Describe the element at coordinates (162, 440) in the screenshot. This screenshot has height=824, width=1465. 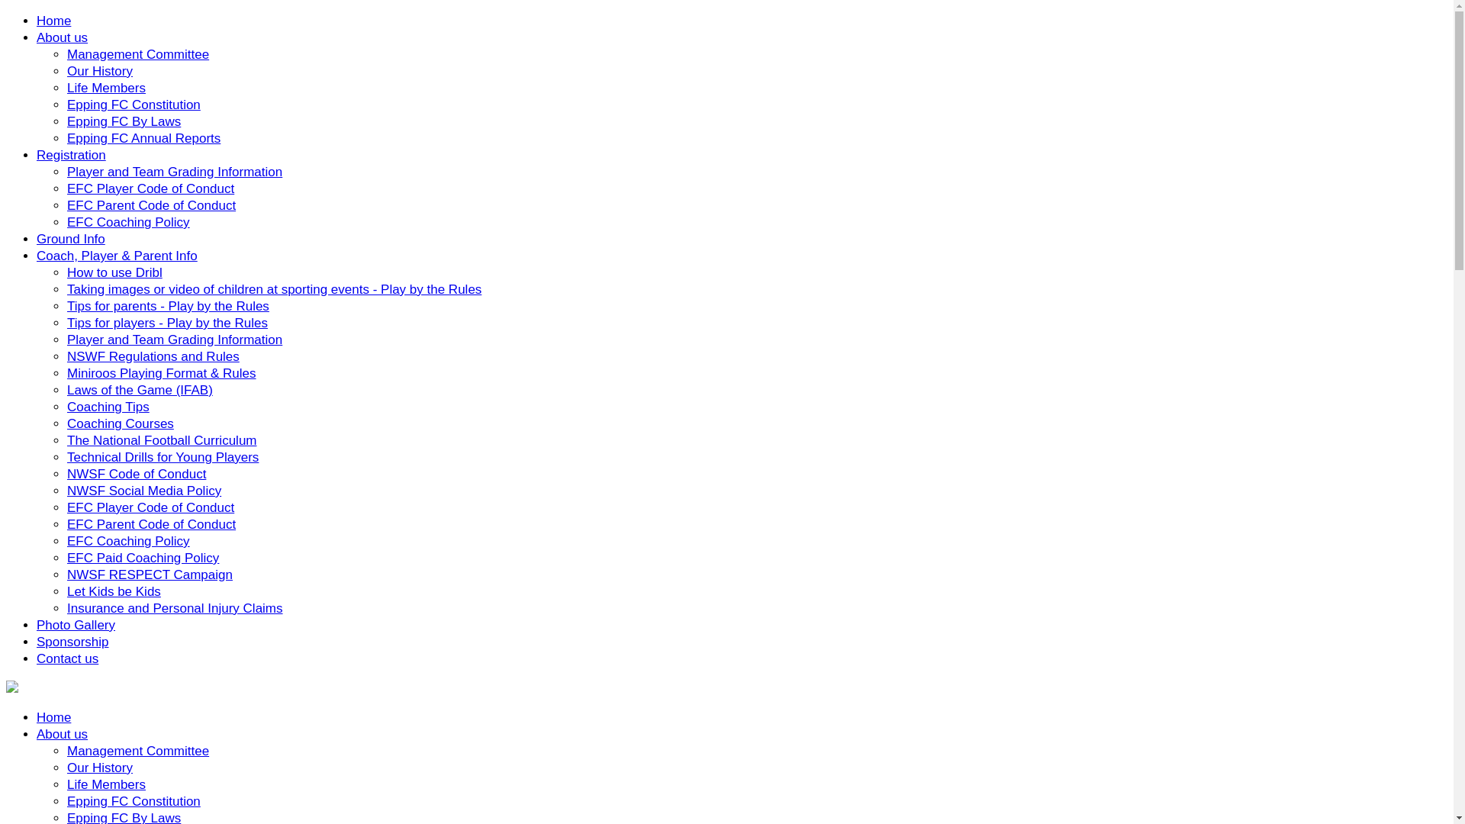
I see `'The National Football Curriculum'` at that location.